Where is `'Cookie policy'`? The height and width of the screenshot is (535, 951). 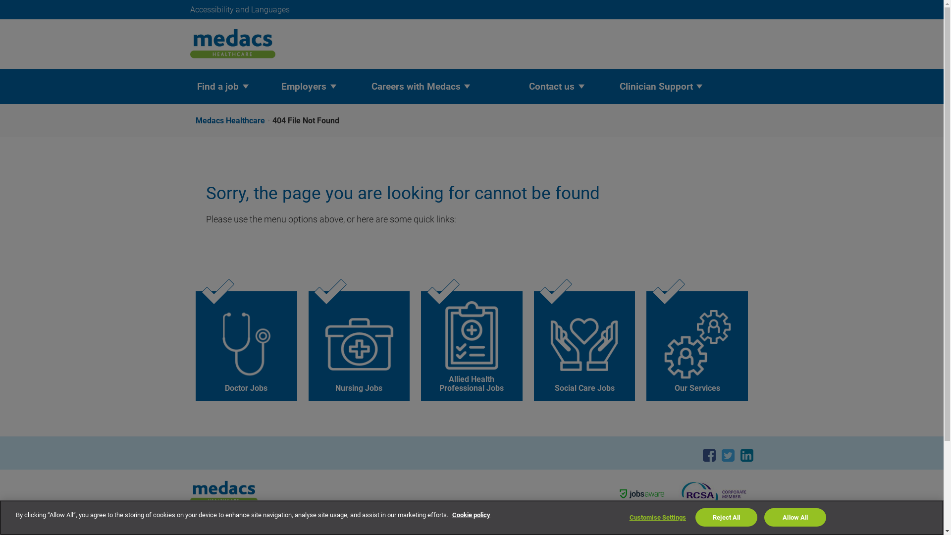
'Cookie policy' is located at coordinates (471, 514).